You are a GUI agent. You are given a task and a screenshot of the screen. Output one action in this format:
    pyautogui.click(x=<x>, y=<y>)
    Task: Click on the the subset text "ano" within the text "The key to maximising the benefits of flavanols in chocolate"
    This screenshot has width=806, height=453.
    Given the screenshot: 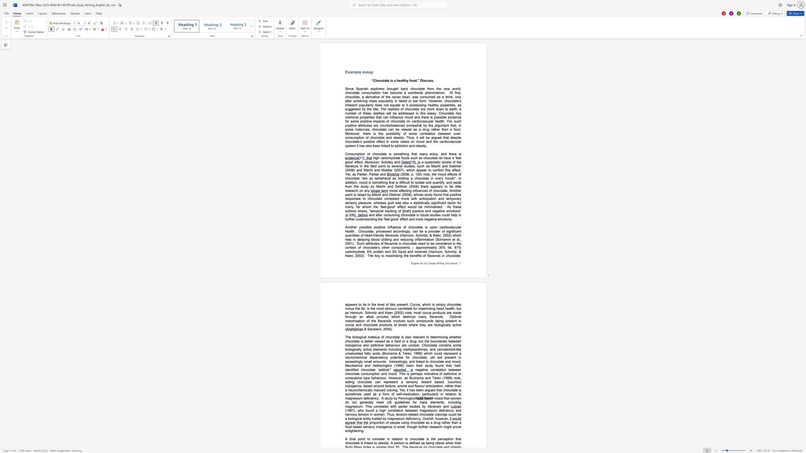 What is the action you would take?
    pyautogui.click(x=432, y=255)
    